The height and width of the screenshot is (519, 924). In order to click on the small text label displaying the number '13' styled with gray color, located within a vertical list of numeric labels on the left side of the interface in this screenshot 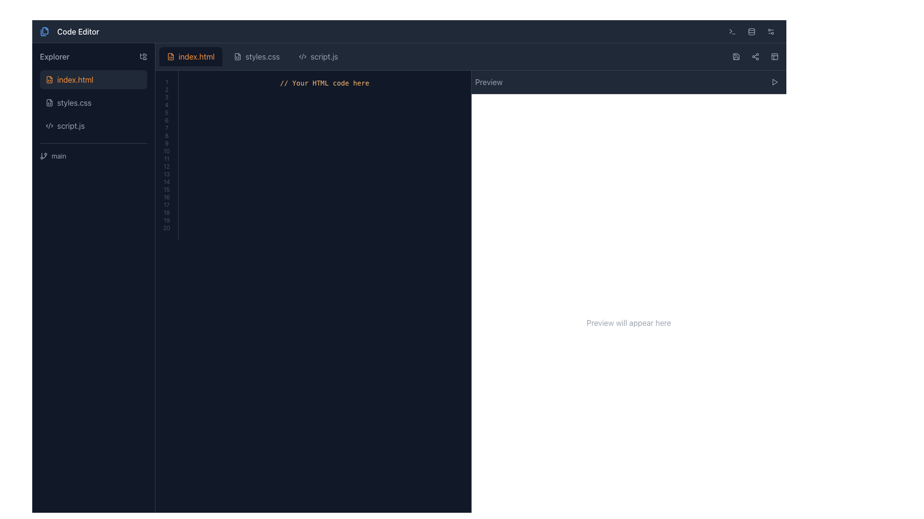, I will do `click(167, 174)`.